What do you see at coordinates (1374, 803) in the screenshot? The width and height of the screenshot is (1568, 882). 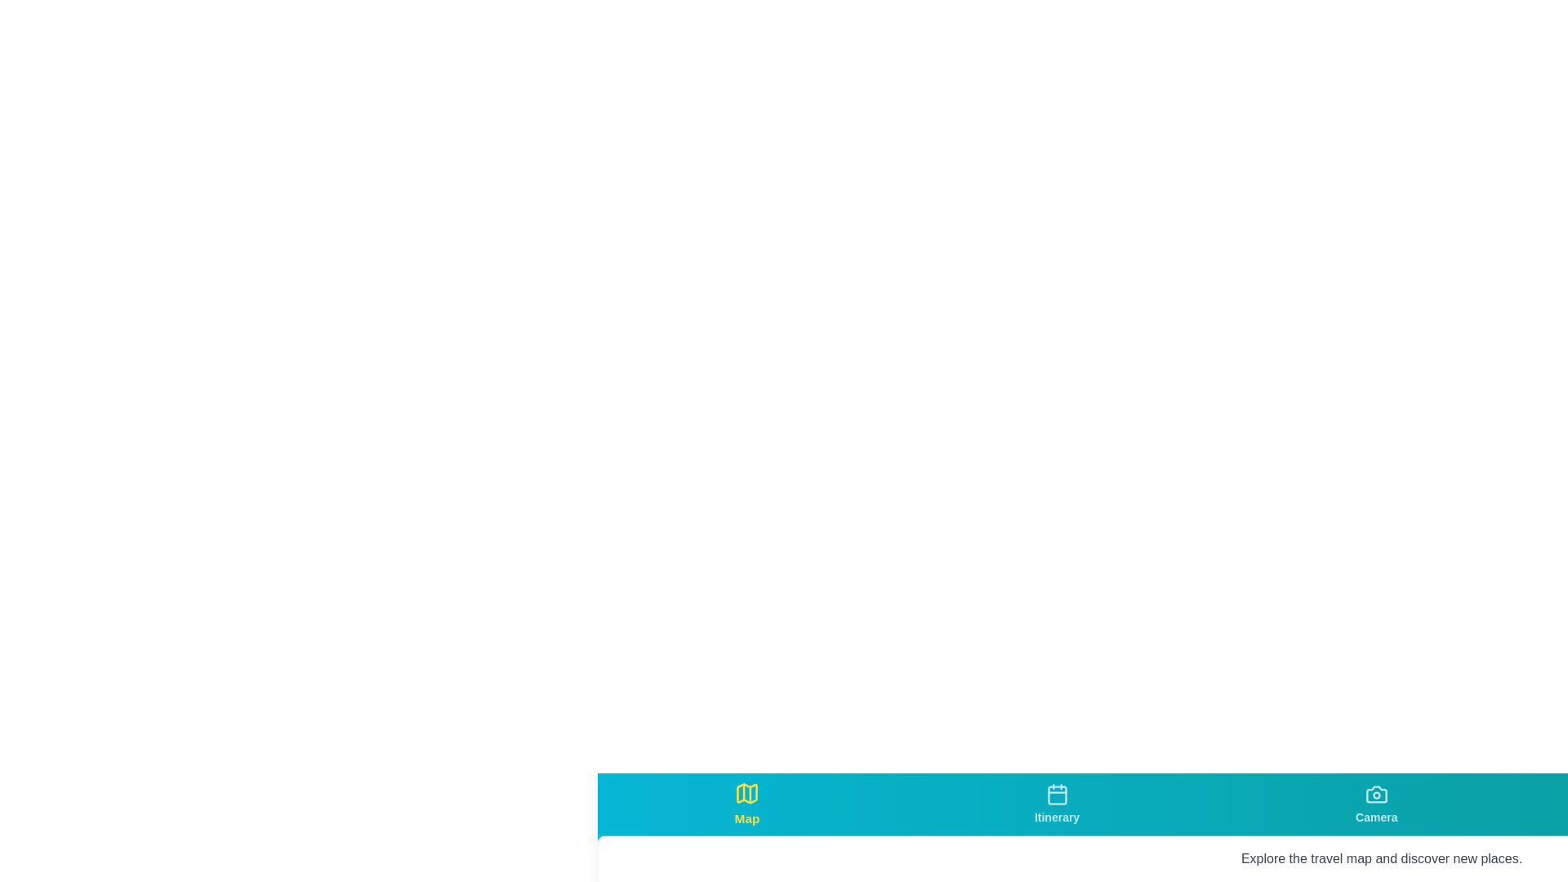 I see `the Camera tab to inspect its content` at bounding box center [1374, 803].